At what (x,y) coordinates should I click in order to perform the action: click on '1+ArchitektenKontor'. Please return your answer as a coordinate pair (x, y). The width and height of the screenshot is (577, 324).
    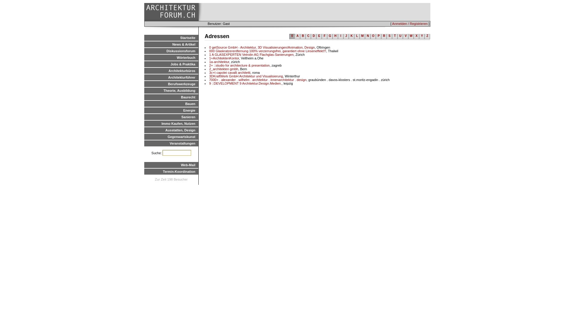
    Looking at the image, I should click on (224, 58).